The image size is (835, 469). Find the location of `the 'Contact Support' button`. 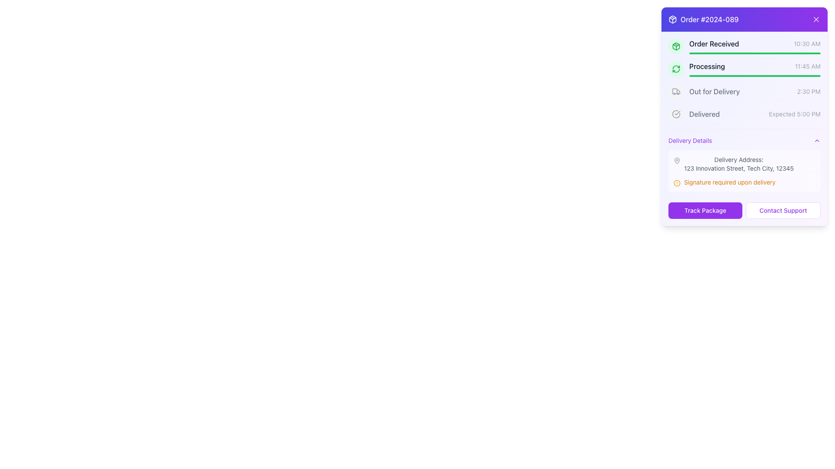

the 'Contact Support' button is located at coordinates (783, 211).